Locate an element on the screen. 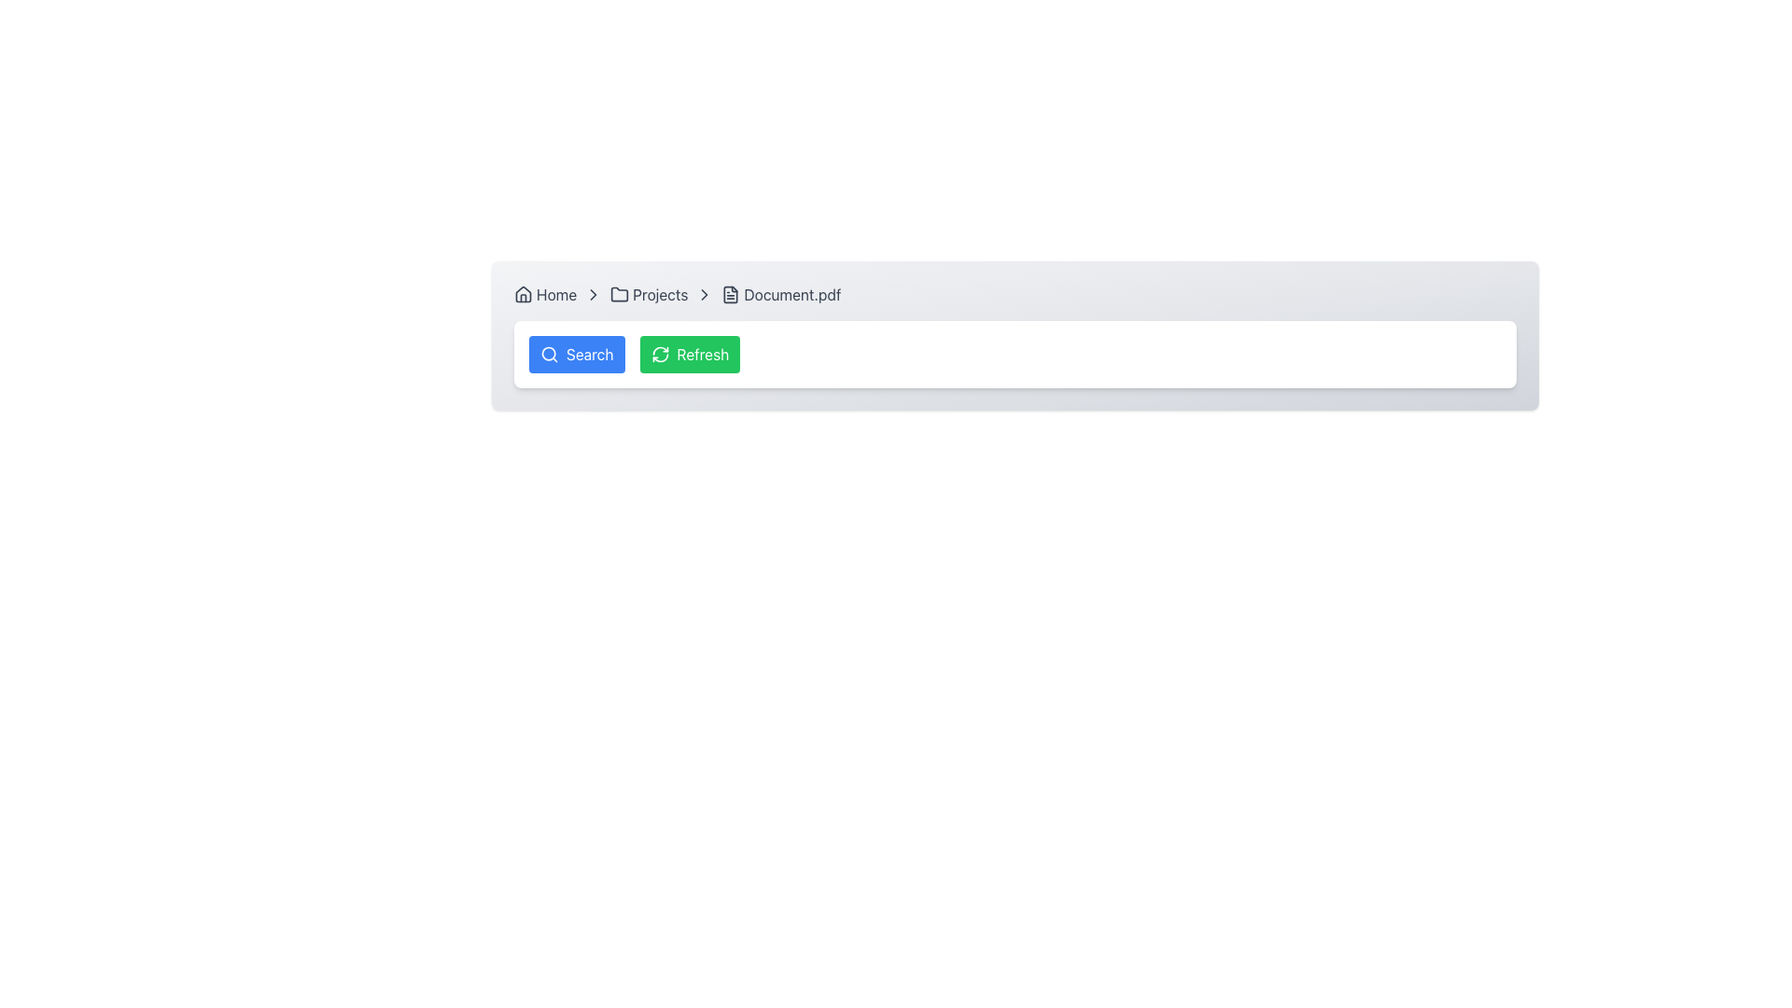  the 'Document.pdf' clickable text link with icon is located at coordinates (780, 294).